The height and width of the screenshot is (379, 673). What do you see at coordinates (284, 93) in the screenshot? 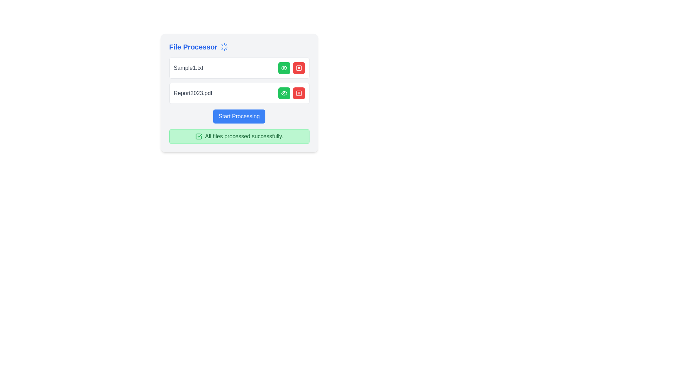
I see `the leftmost button in the group of two buttons located on the right side of the list item row labeled 'Report2023.pdf'` at bounding box center [284, 93].